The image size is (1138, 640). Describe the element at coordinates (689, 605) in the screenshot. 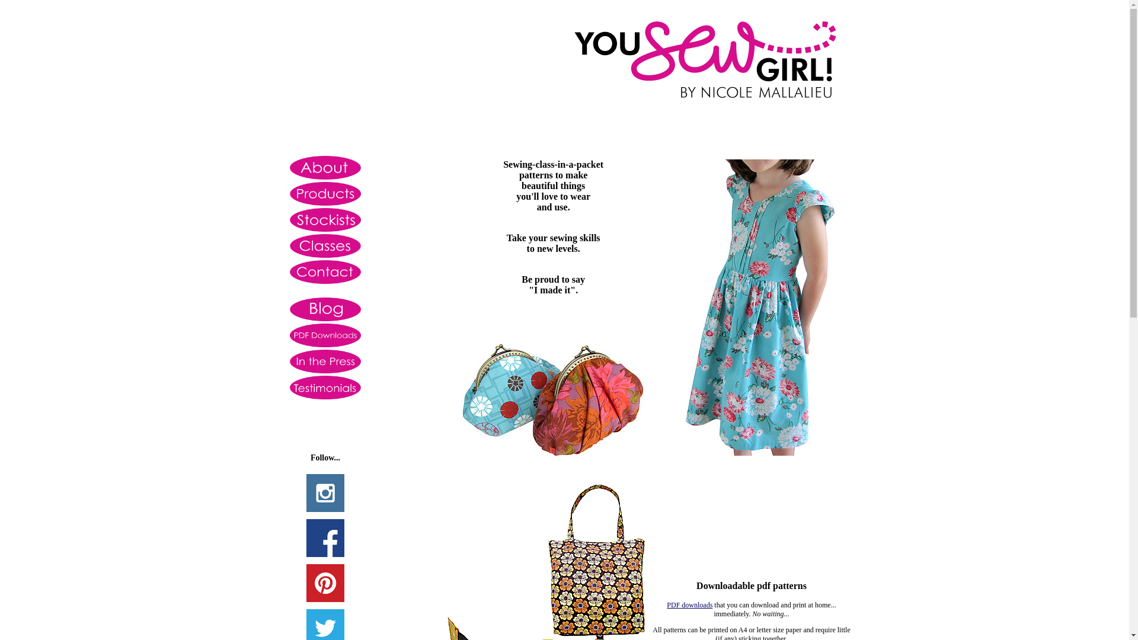

I see `'PDF downloads'` at that location.